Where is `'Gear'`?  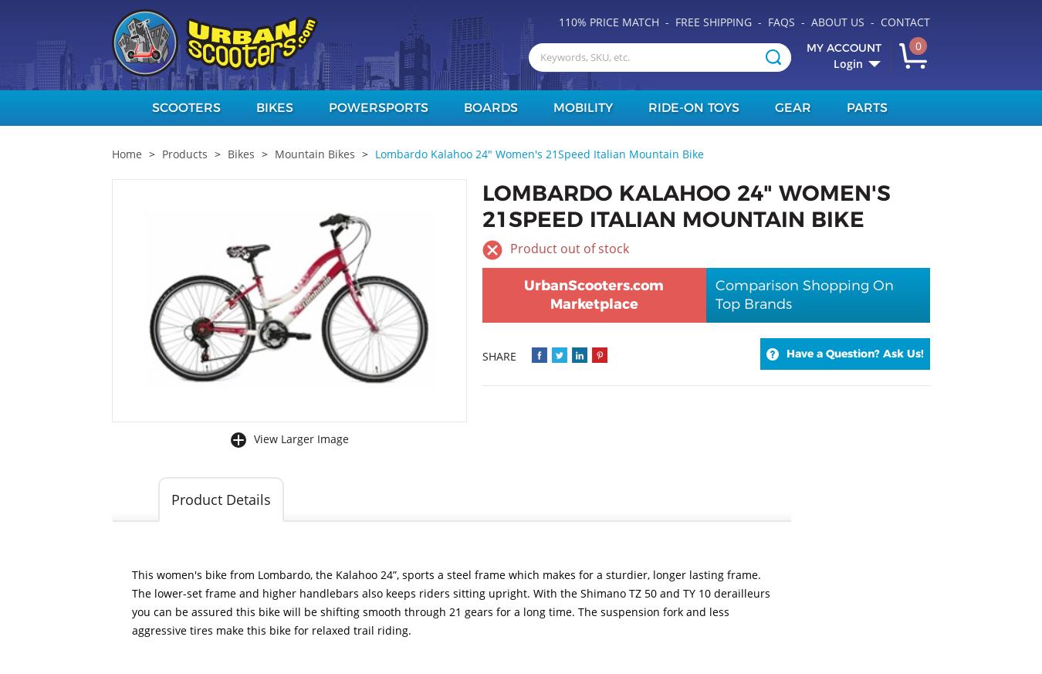 'Gear' is located at coordinates (792, 107).